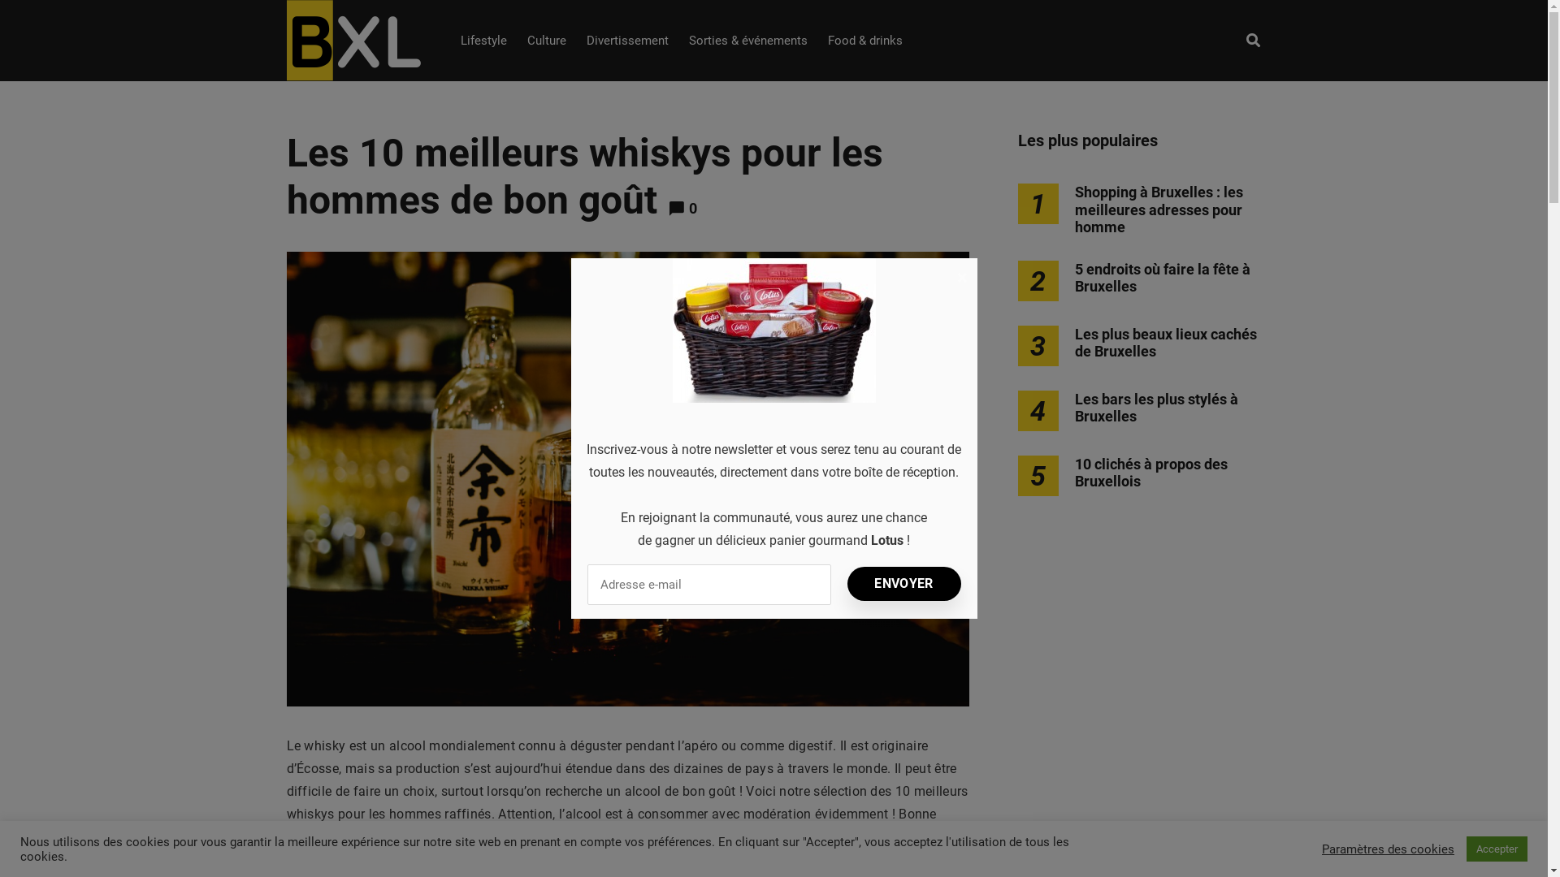 Image resolution: width=1560 pixels, height=877 pixels. I want to click on 'Lifestyle', so click(459, 40).